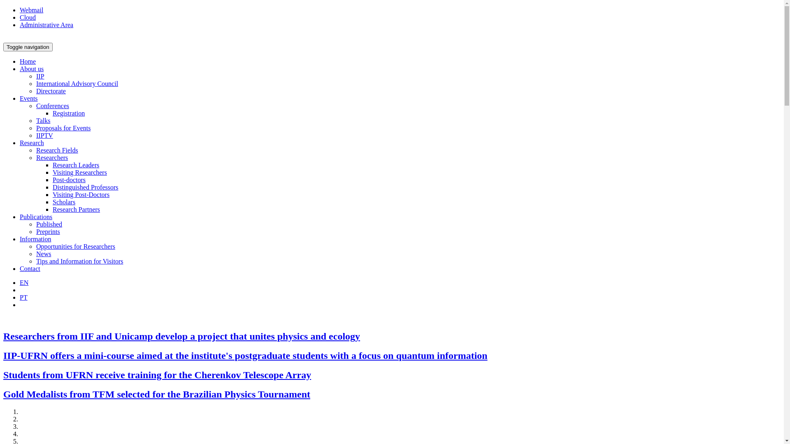 The height and width of the screenshot is (444, 790). Describe the element at coordinates (35, 91) in the screenshot. I see `'Directorate'` at that location.